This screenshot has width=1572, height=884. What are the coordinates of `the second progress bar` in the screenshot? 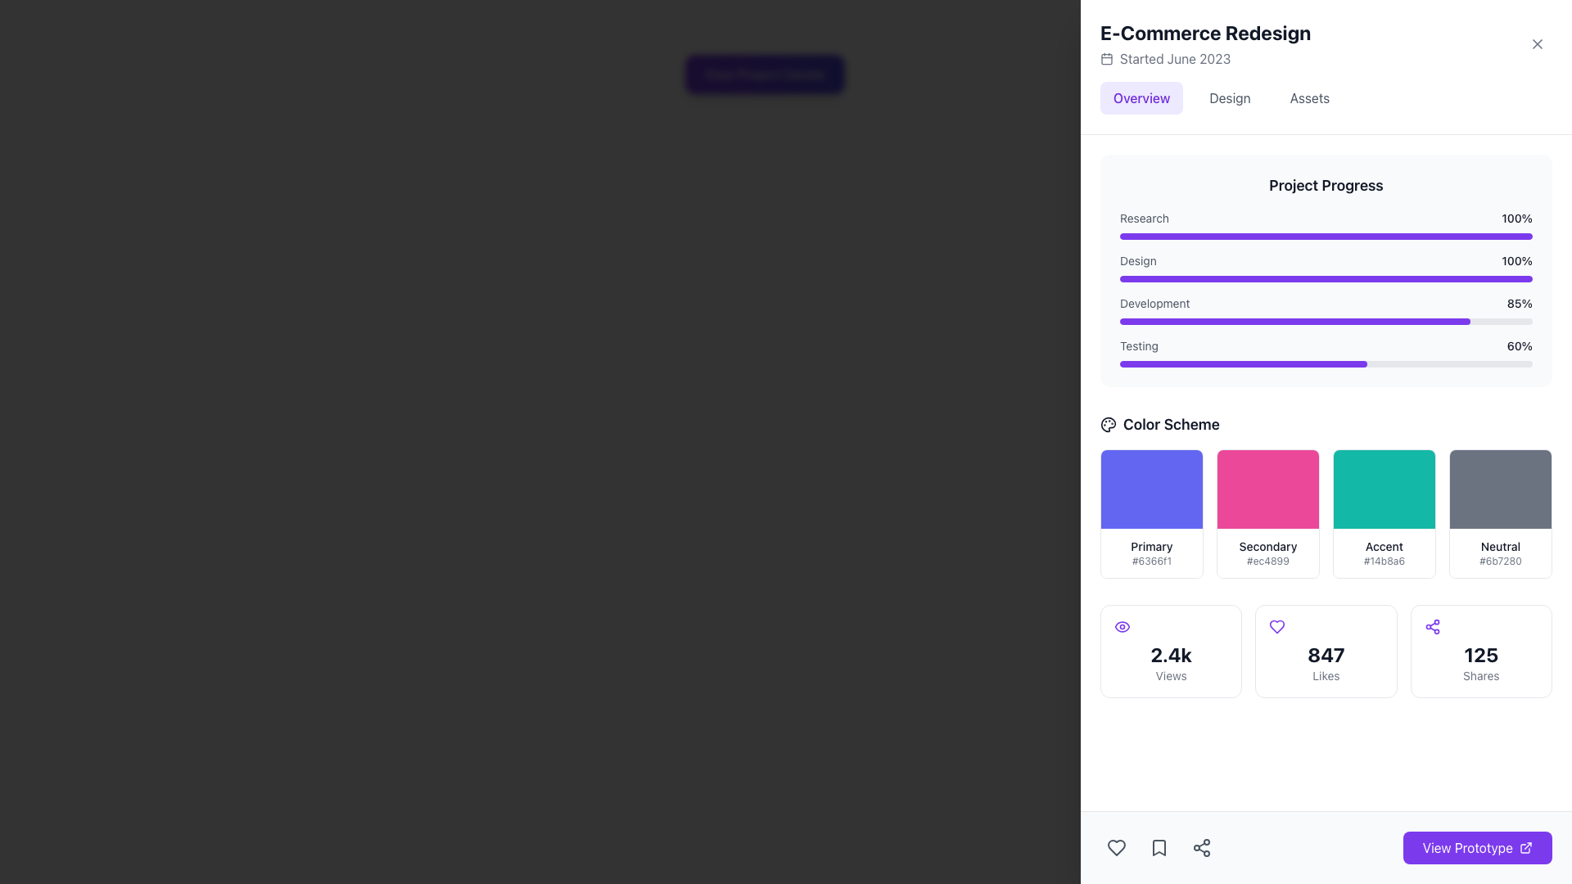 It's located at (1326, 277).